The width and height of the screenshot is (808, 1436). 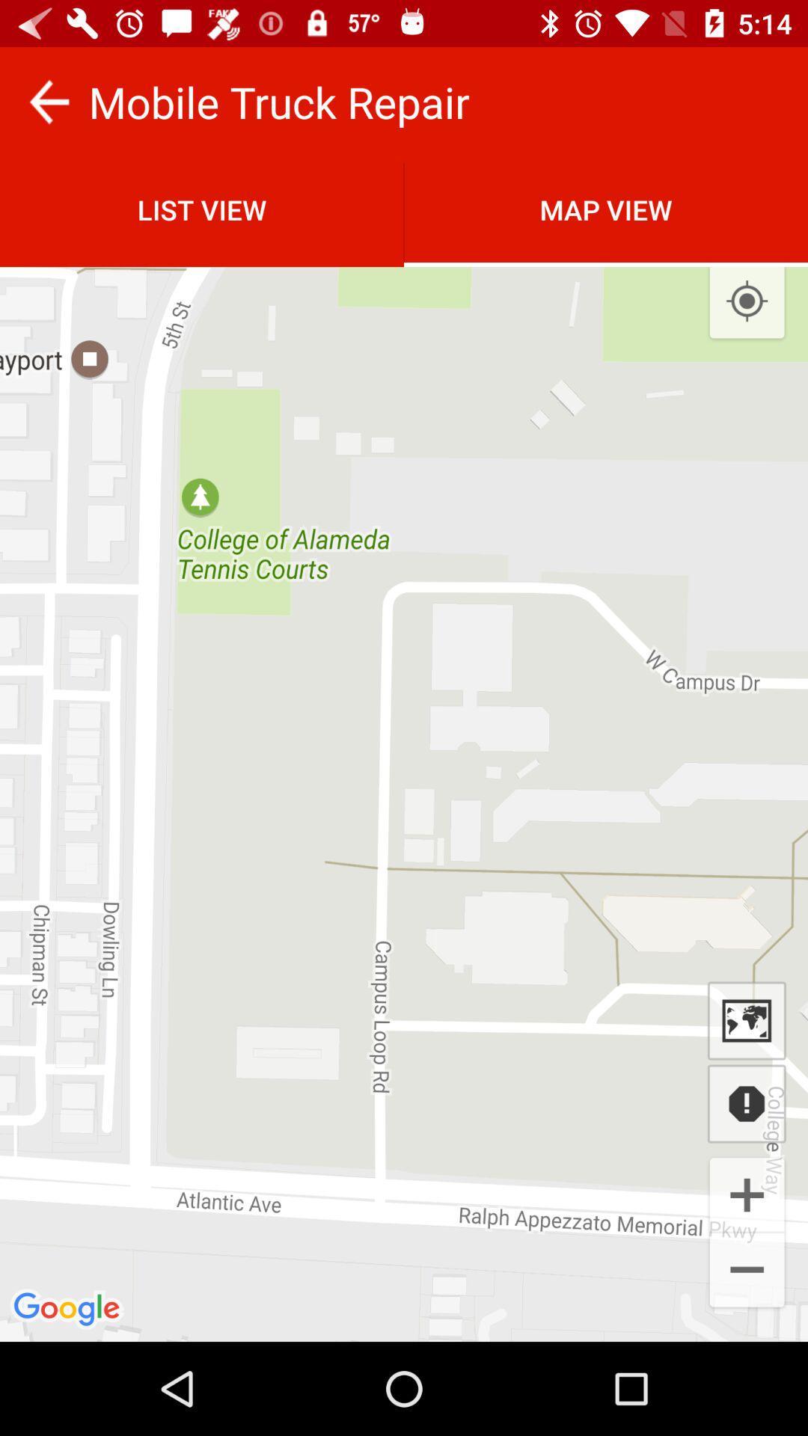 I want to click on the item to the right of the list view item, so click(x=747, y=301).